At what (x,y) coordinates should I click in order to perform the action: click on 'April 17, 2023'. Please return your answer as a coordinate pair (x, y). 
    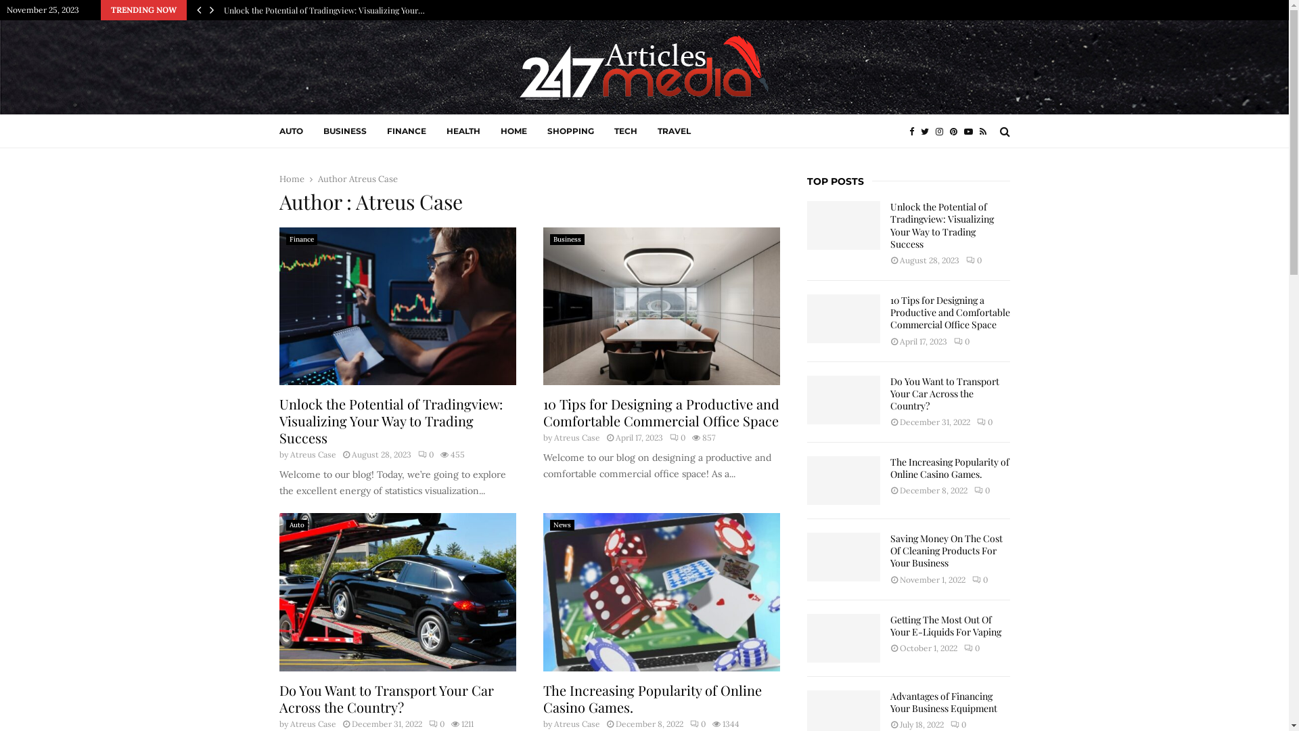
    Looking at the image, I should click on (639, 437).